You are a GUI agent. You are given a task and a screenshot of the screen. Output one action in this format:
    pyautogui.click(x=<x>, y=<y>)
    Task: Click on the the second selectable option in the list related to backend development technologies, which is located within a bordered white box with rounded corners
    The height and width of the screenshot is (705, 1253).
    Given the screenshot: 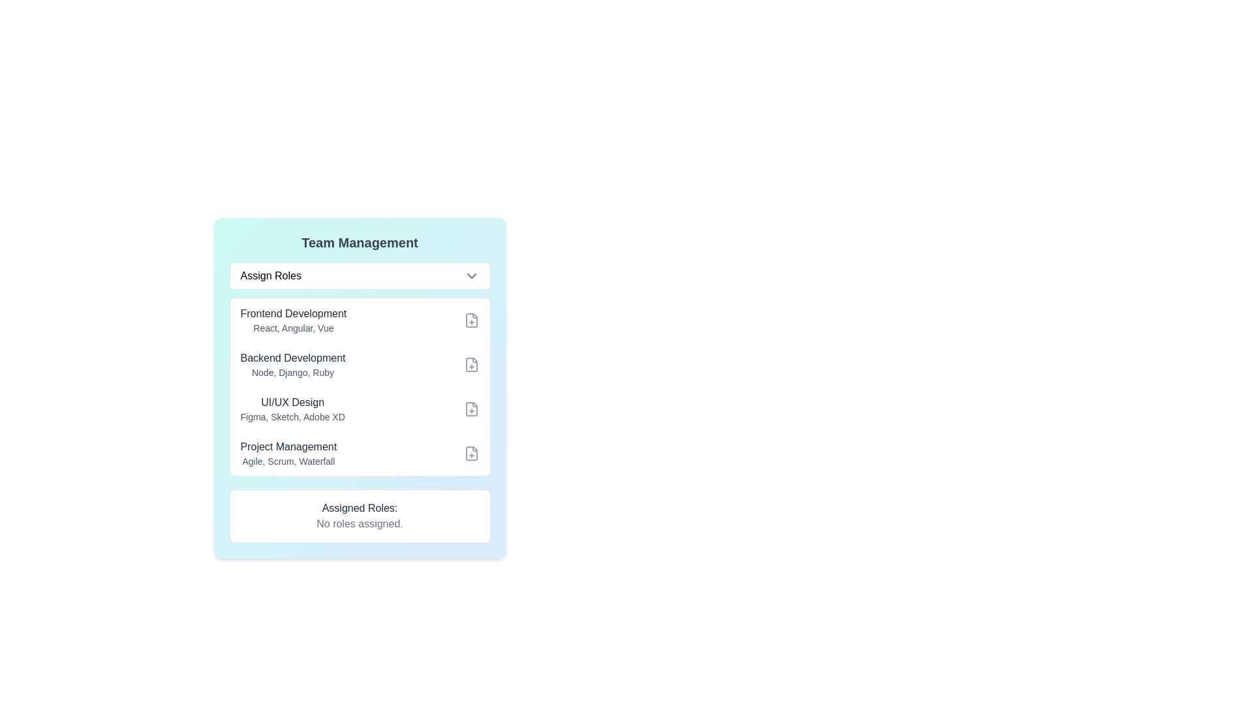 What is the action you would take?
    pyautogui.click(x=360, y=365)
    